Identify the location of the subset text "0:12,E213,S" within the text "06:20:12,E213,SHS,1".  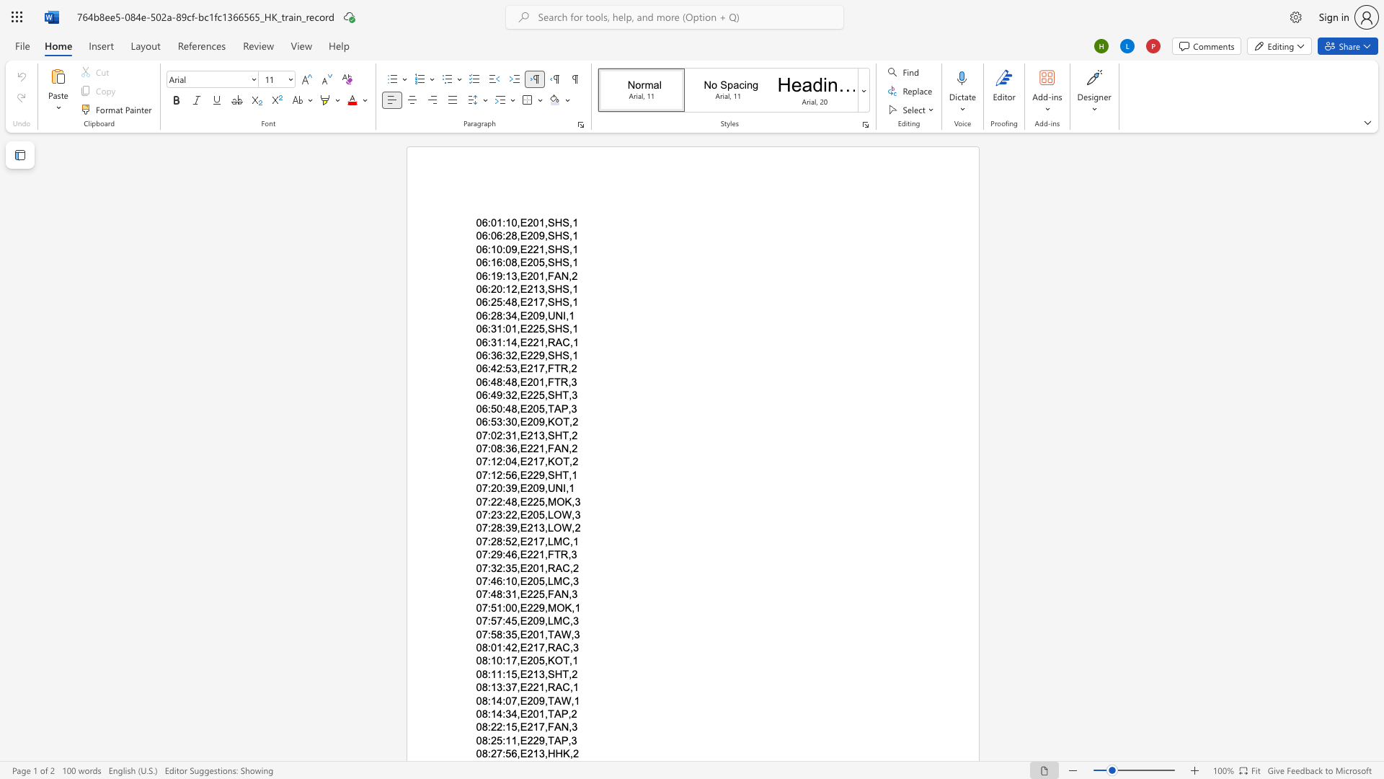
(497, 289).